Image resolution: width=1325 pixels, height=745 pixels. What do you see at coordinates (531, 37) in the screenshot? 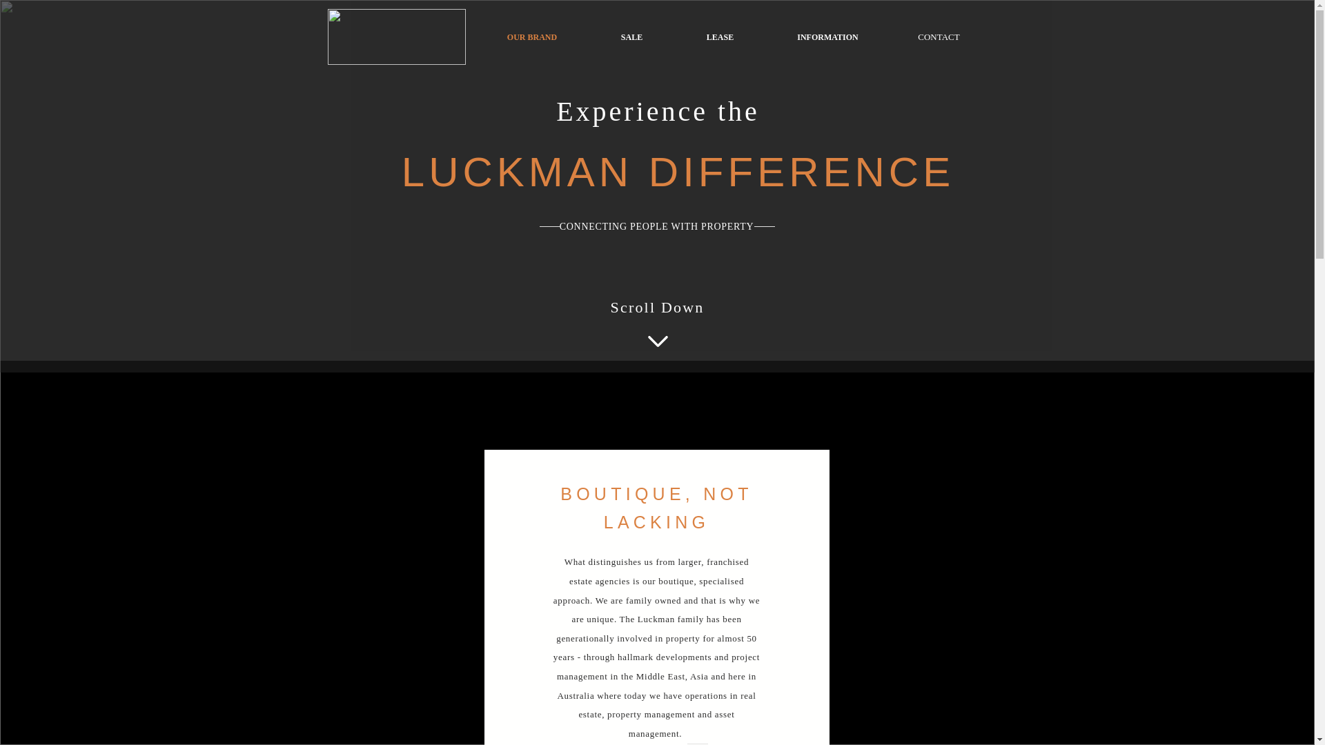
I see `'OUR BRAND'` at bounding box center [531, 37].